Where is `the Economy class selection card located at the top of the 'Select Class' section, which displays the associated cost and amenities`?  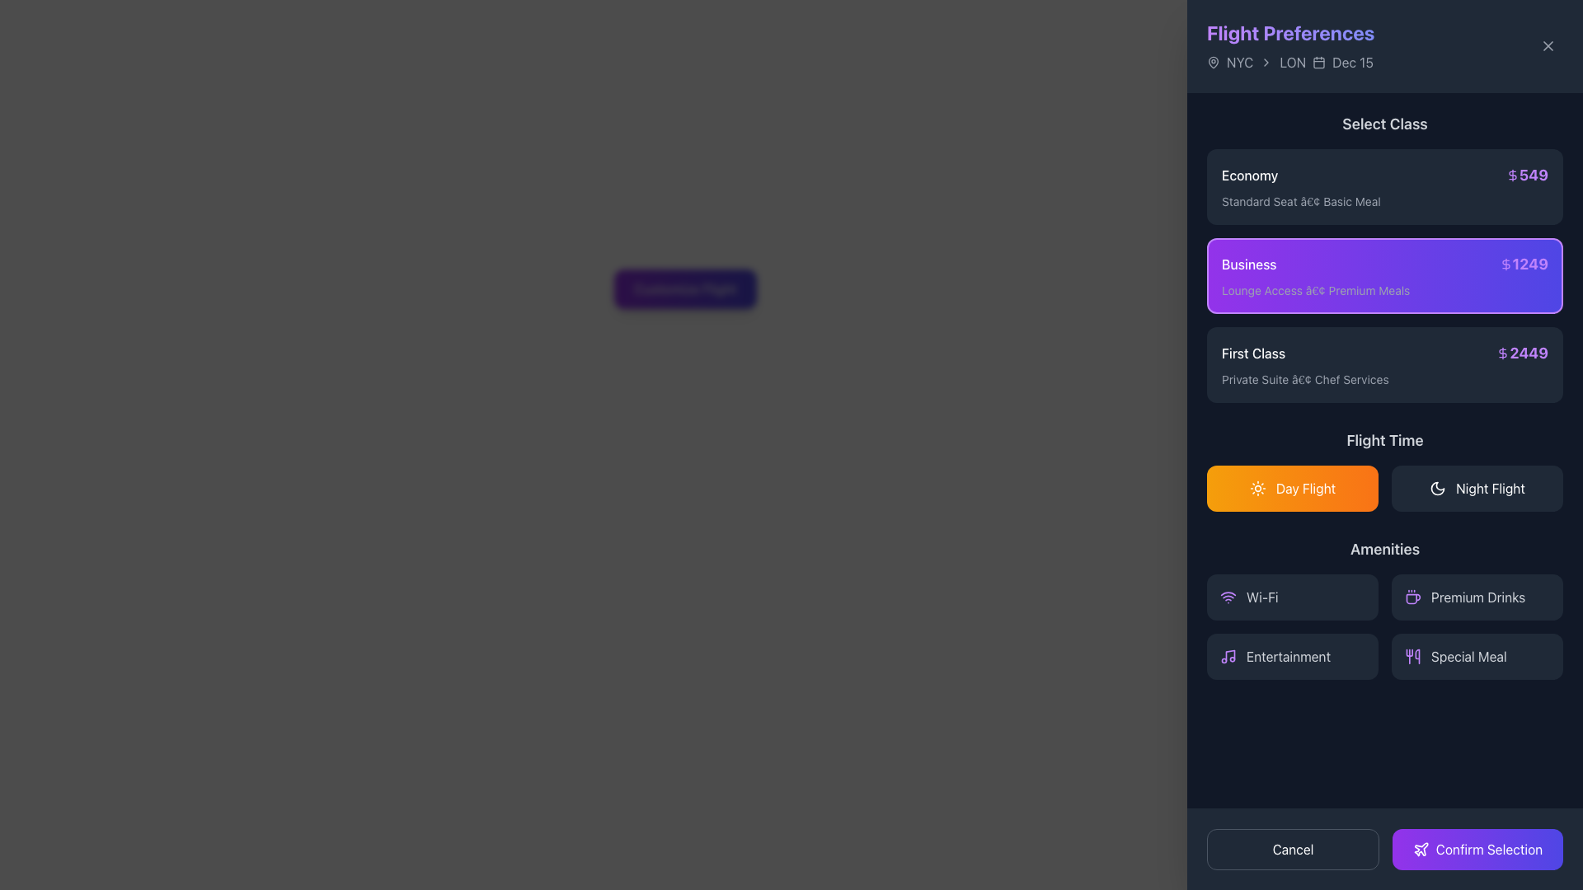 the Economy class selection card located at the top of the 'Select Class' section, which displays the associated cost and amenities is located at coordinates (1385, 186).